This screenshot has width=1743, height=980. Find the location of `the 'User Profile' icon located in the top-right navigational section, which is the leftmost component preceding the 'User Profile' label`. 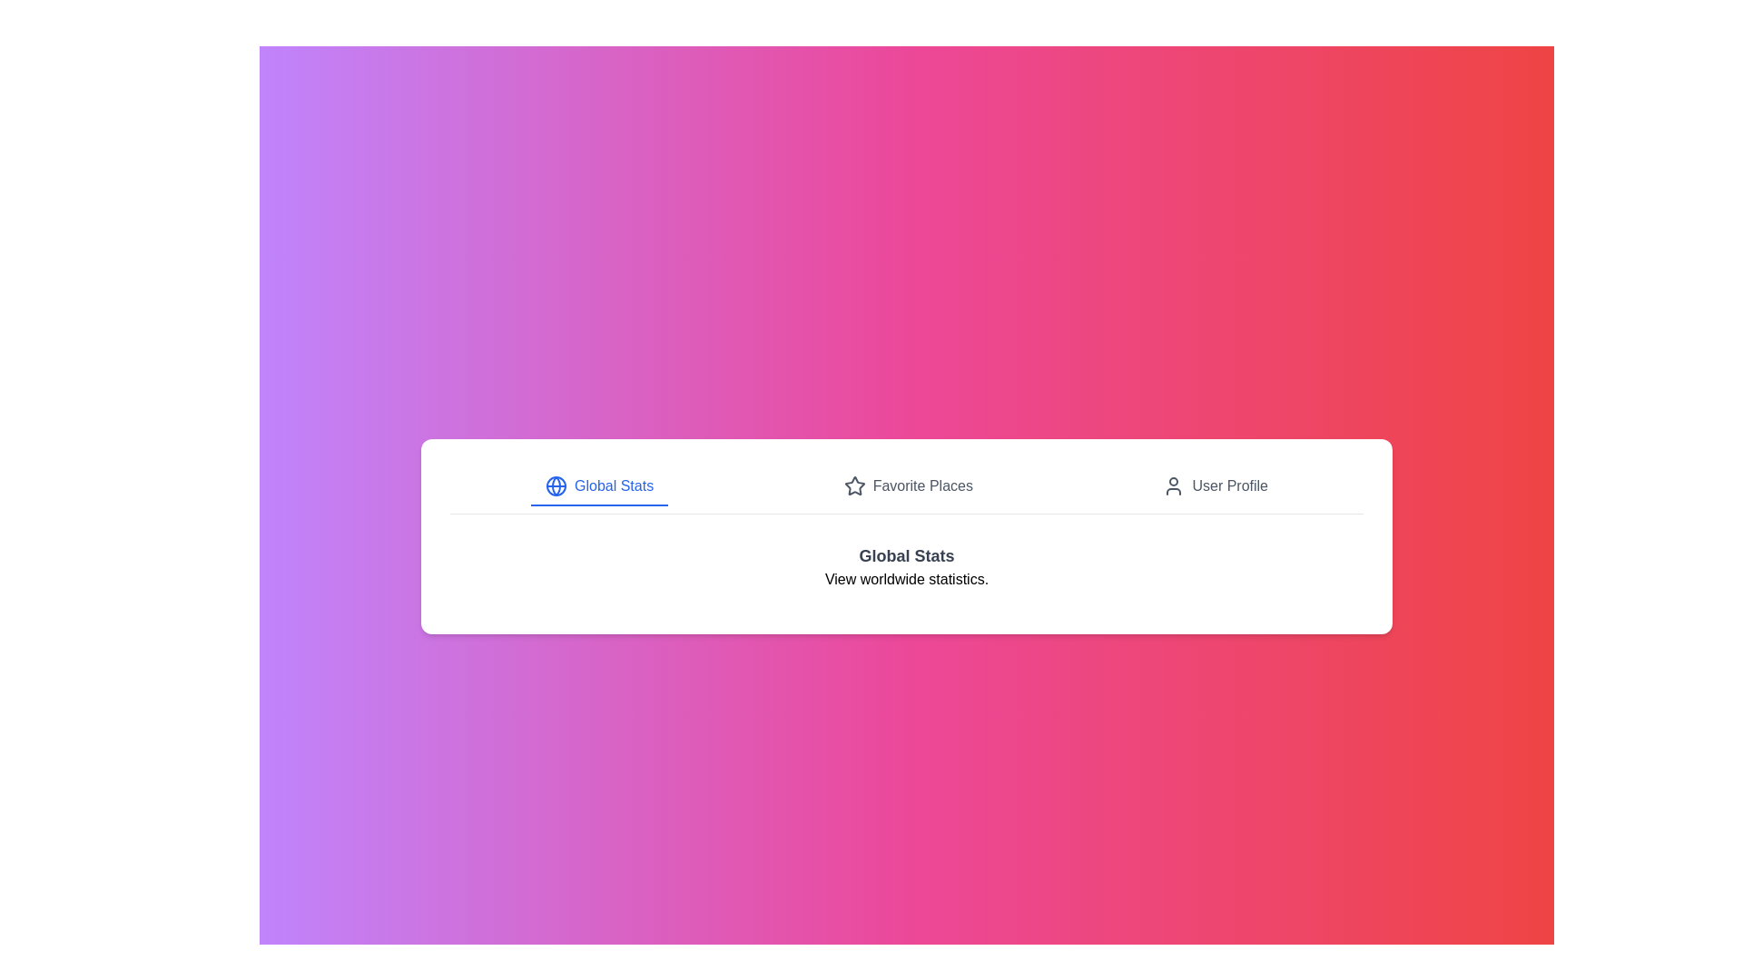

the 'User Profile' icon located in the top-right navigational section, which is the leftmost component preceding the 'User Profile' label is located at coordinates (1174, 485).